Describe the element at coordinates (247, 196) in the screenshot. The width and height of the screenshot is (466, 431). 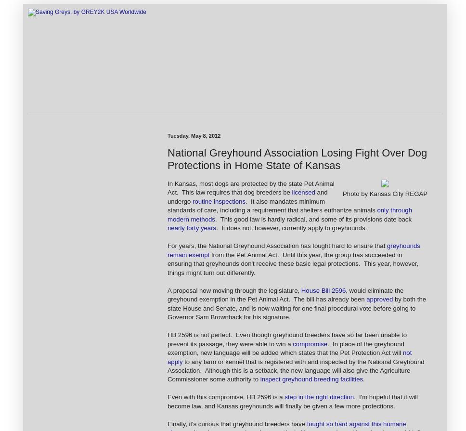
I see `'and undergo'` at that location.